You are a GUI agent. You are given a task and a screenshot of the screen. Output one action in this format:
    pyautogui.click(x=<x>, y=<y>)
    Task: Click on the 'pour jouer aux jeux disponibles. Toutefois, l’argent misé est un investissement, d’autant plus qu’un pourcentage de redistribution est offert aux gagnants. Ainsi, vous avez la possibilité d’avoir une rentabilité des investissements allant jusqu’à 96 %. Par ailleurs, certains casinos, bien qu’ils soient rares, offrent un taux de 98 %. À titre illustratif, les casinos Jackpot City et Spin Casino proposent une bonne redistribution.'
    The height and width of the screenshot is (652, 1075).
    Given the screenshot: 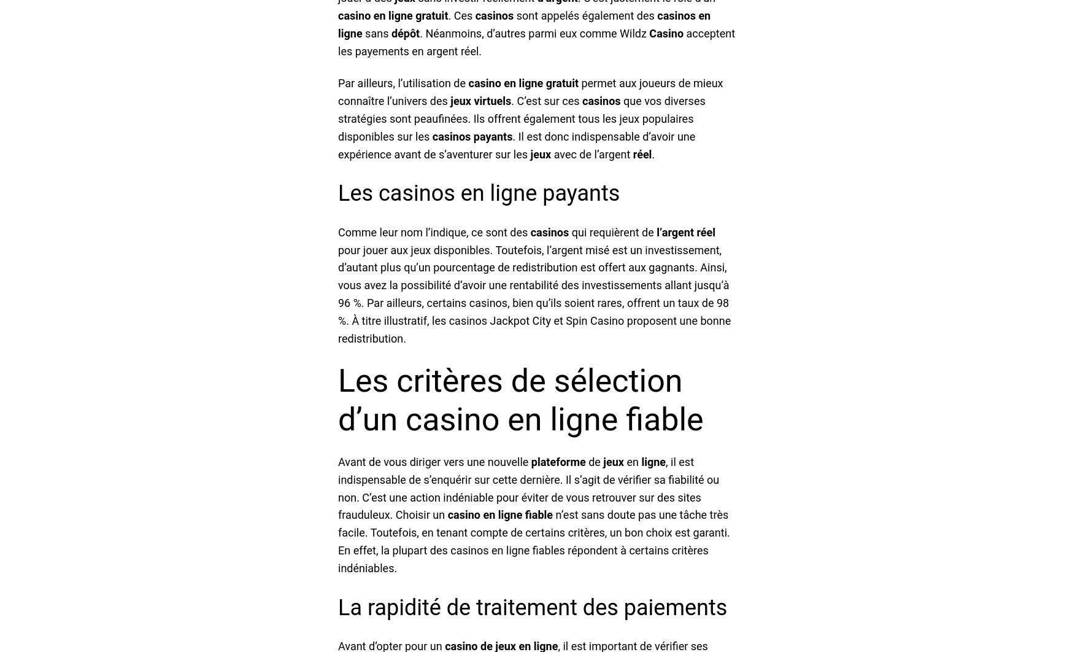 What is the action you would take?
    pyautogui.click(x=533, y=293)
    